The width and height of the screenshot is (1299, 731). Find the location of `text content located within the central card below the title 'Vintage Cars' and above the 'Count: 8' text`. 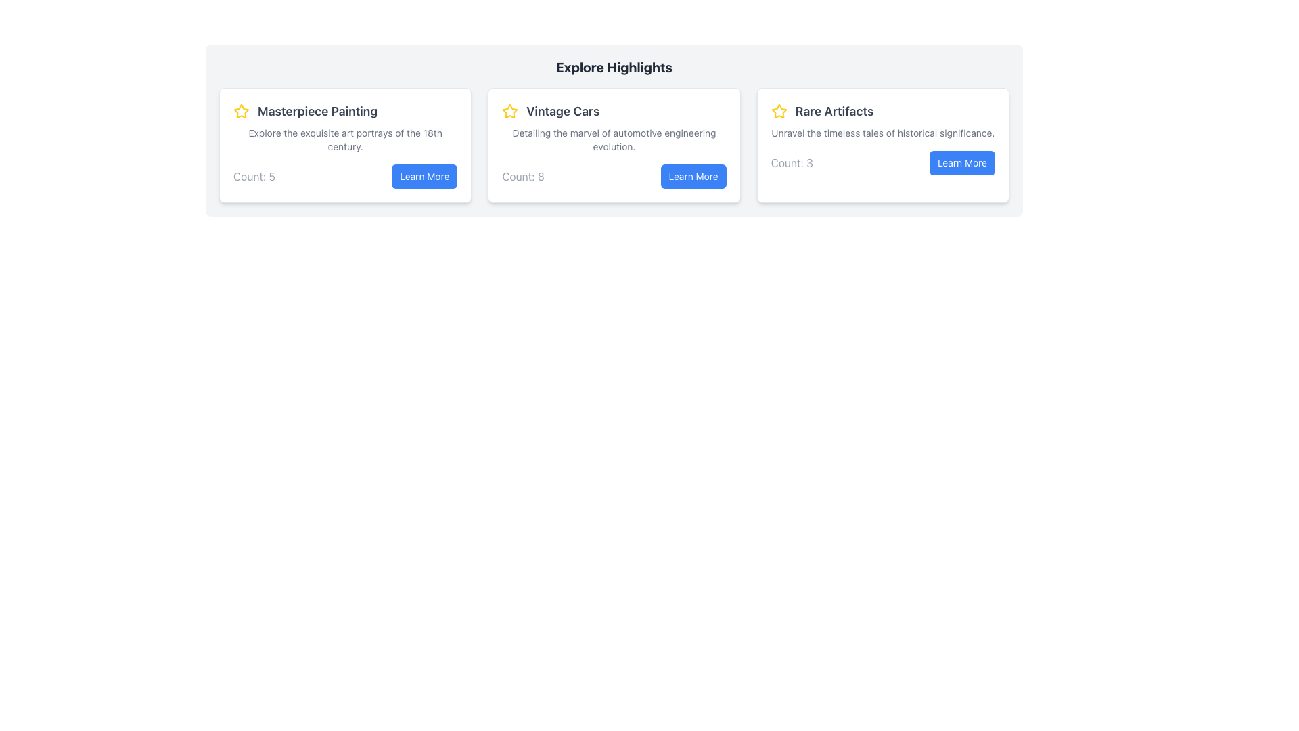

text content located within the central card below the title 'Vintage Cars' and above the 'Count: 8' text is located at coordinates (613, 140).